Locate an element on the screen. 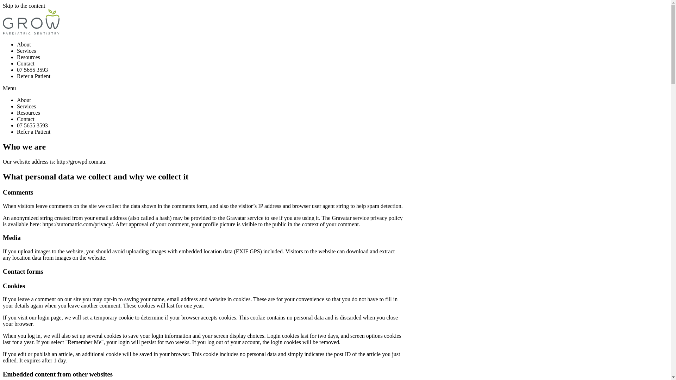 This screenshot has width=676, height=380. 'Resources' is located at coordinates (28, 57).